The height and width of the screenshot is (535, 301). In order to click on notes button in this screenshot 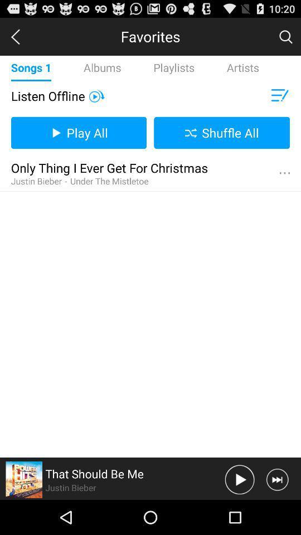, I will do `click(278, 95)`.